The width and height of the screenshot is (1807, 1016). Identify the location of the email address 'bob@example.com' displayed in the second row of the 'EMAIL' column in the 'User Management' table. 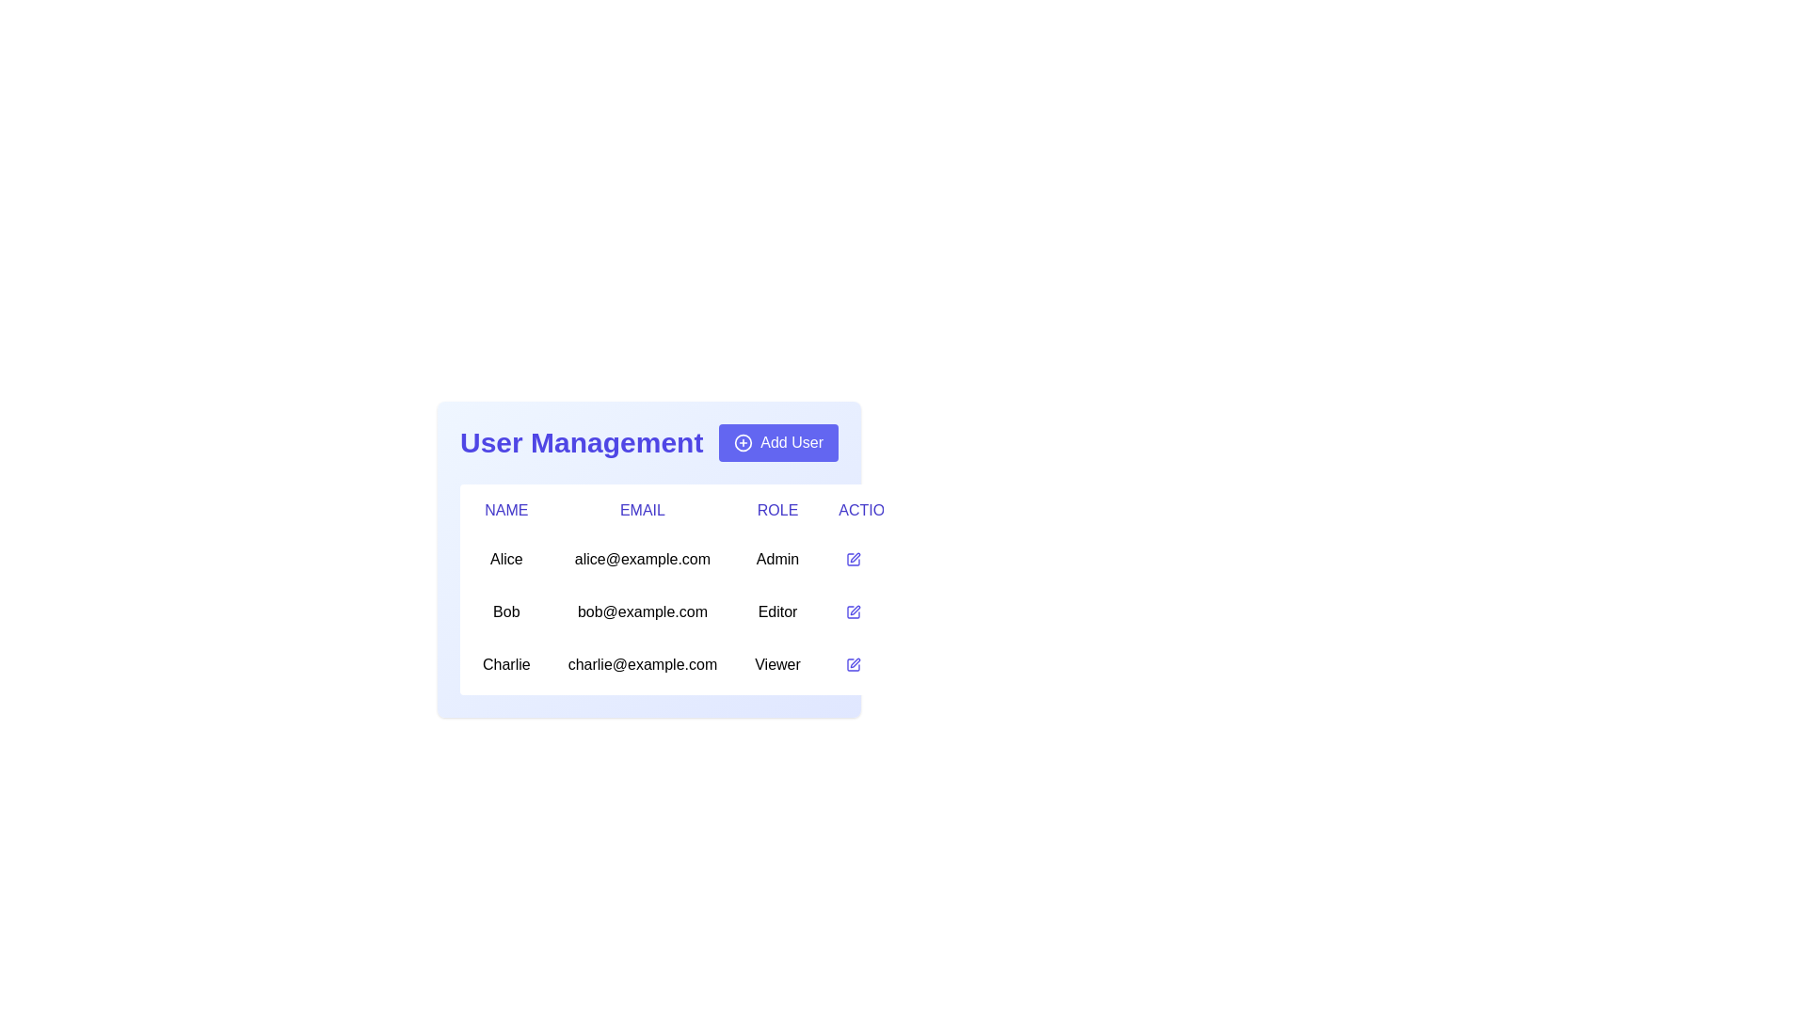
(642, 612).